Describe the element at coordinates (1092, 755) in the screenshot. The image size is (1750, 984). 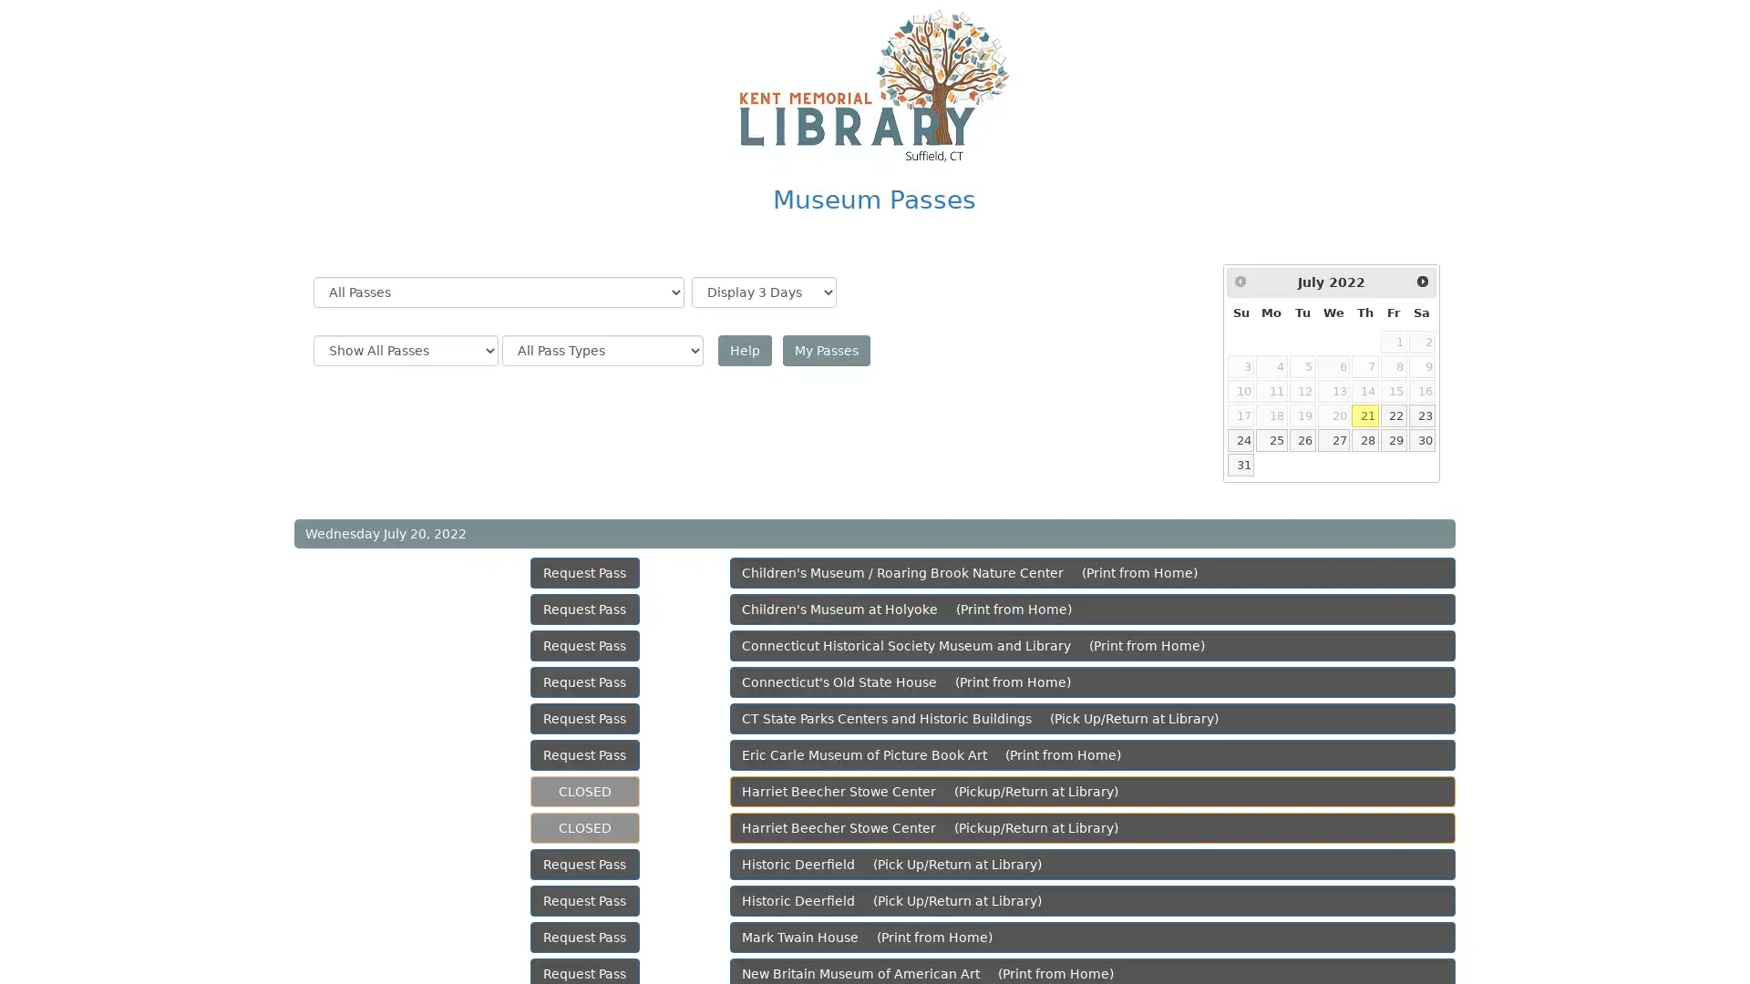
I see `Eric Carle Museum of Picture Book Art     (Print from Home)` at that location.